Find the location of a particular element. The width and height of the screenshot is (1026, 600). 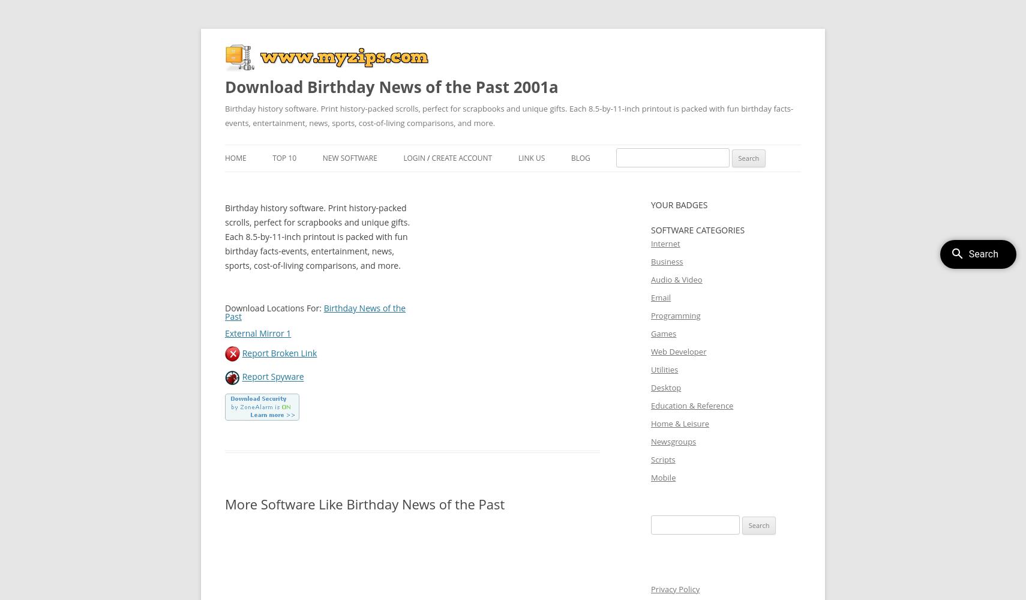

'Desktop' is located at coordinates (650, 388).